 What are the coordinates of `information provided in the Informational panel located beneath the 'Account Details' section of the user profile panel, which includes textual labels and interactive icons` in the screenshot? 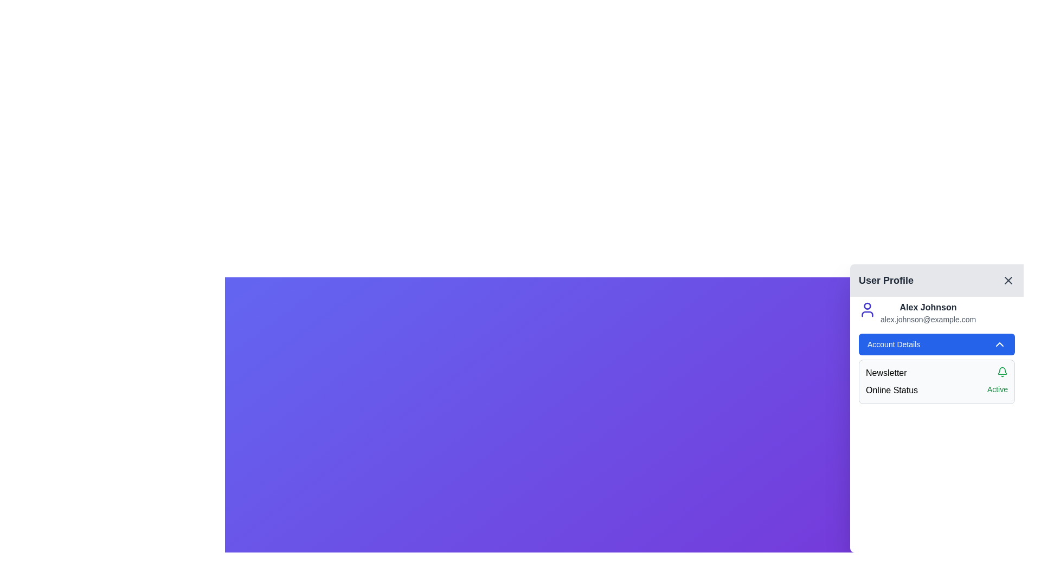 It's located at (936, 381).